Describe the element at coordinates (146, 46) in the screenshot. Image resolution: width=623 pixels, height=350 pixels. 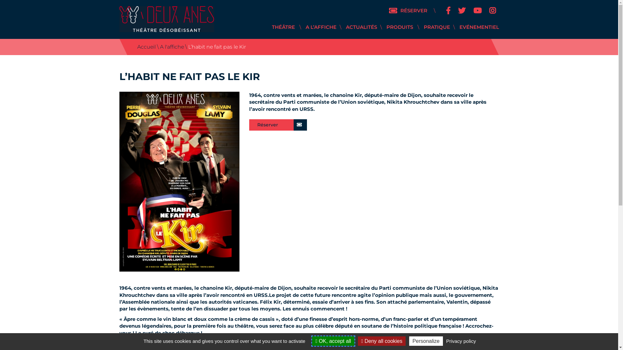
I see `'Accueil'` at that location.